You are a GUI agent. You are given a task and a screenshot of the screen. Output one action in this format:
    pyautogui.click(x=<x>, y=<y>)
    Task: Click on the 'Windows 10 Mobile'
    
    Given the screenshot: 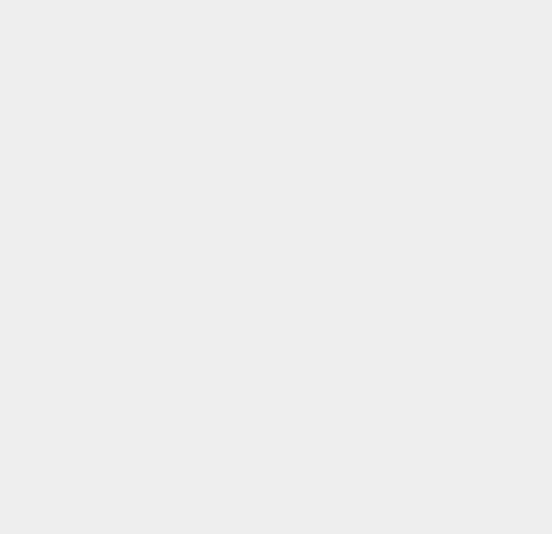 What is the action you would take?
    pyautogui.click(x=420, y=405)
    